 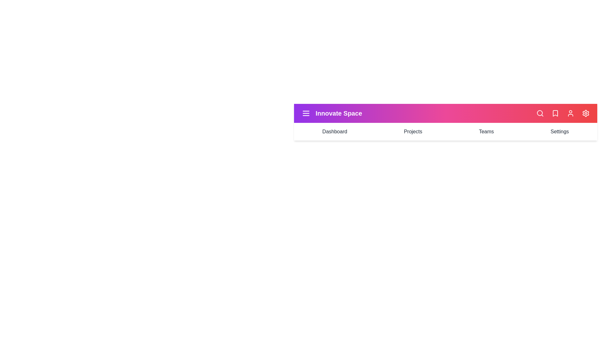 I want to click on the settings icon located in the top-right corner of the app bar, so click(x=586, y=113).